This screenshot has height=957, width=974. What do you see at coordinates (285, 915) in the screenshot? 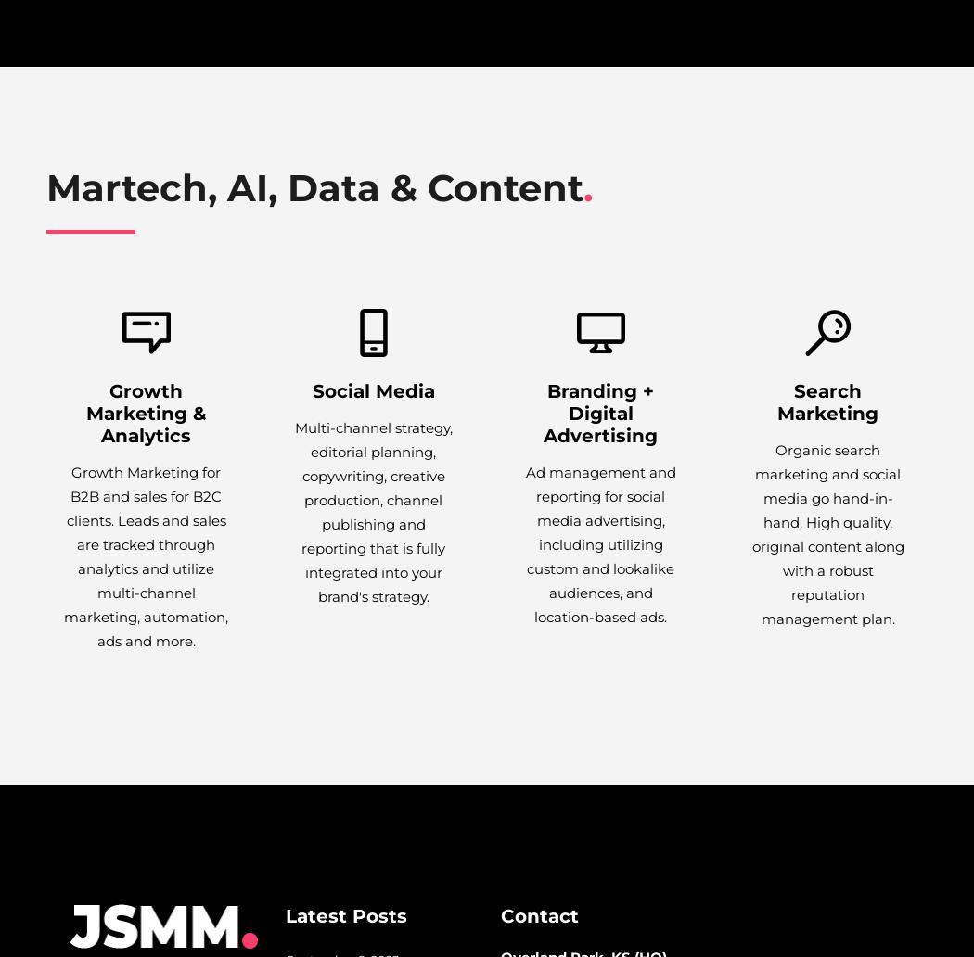
I see `'Latest Posts'` at bounding box center [285, 915].